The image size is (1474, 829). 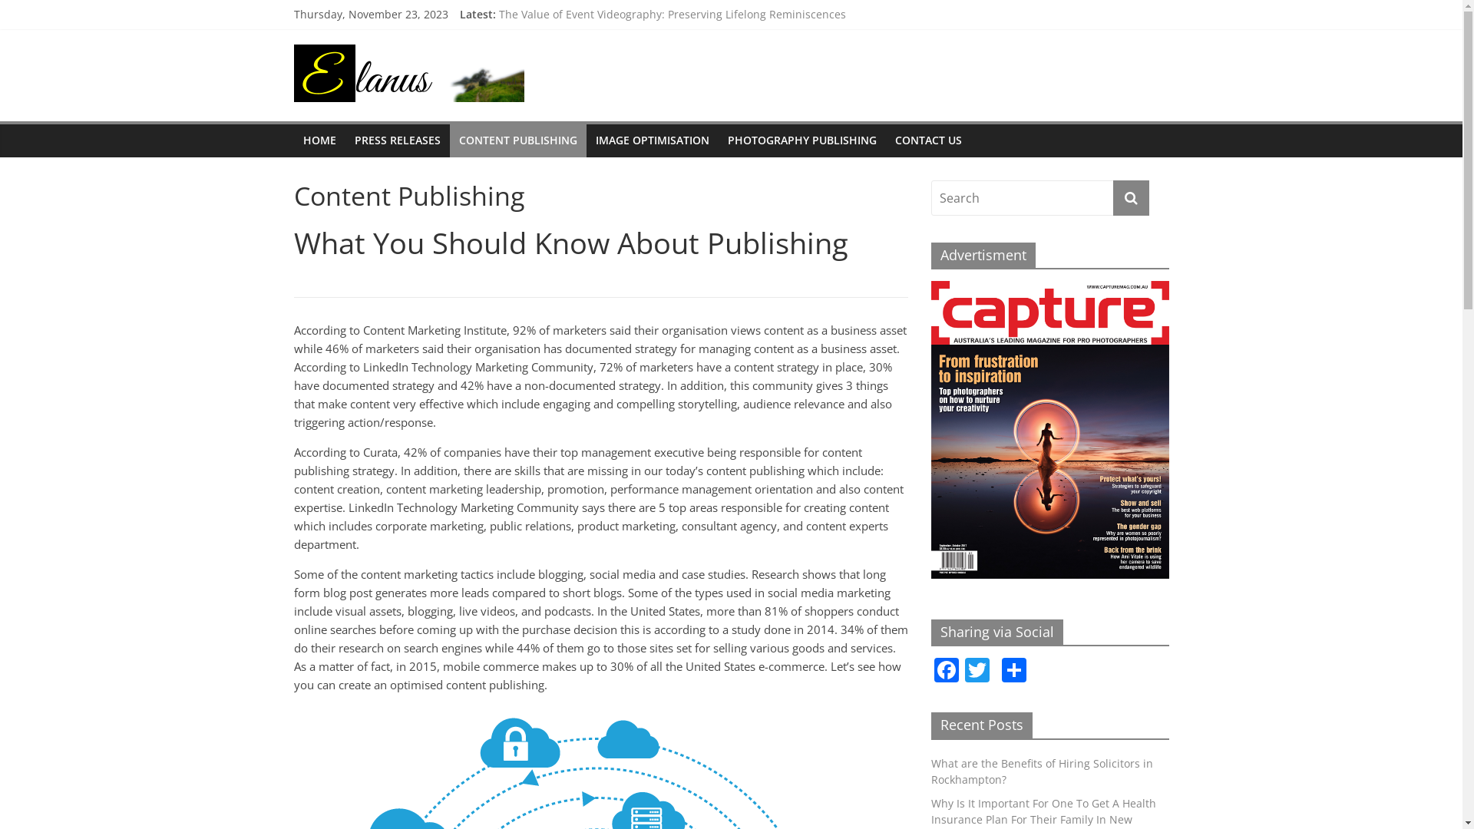 I want to click on 'HOME', so click(x=293, y=140).